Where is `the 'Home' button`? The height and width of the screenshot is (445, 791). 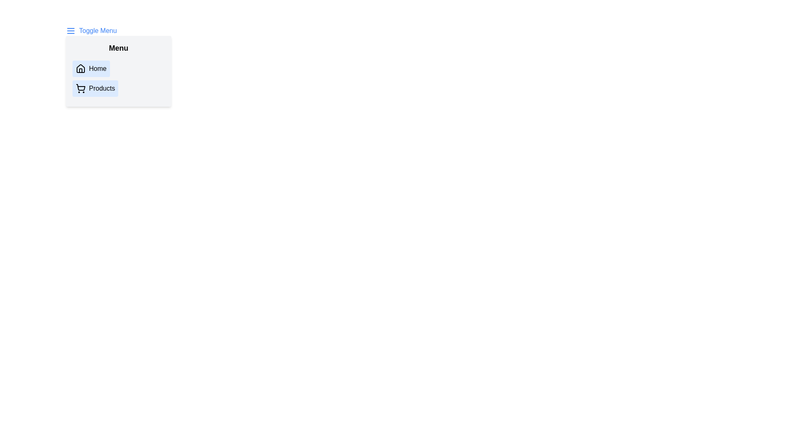
the 'Home' button is located at coordinates (91, 68).